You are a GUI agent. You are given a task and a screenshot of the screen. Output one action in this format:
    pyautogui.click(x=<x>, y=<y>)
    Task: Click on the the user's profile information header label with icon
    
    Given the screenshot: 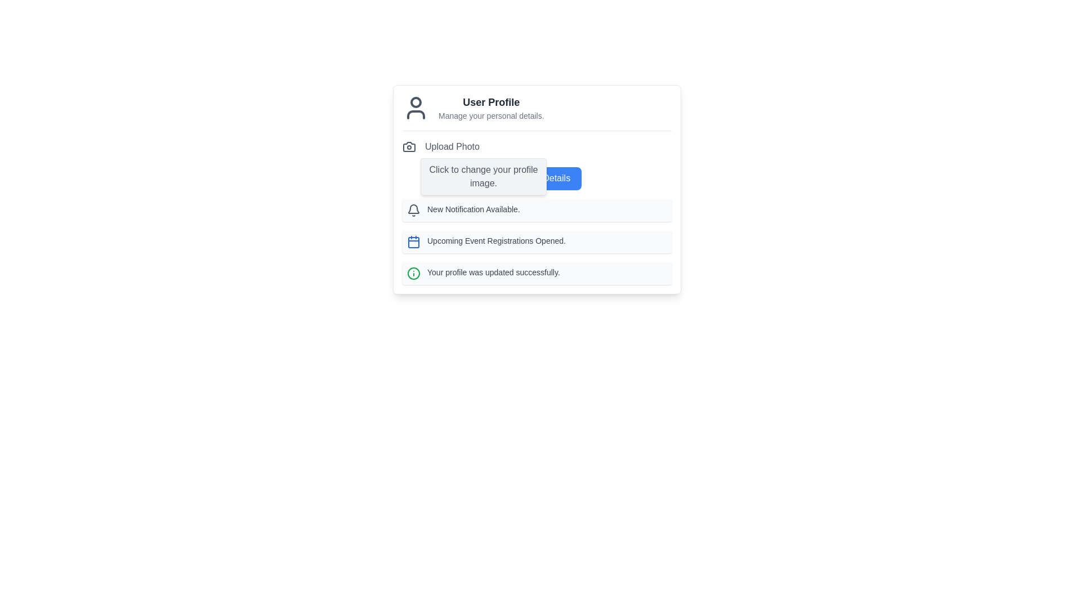 What is the action you would take?
    pyautogui.click(x=537, y=113)
    